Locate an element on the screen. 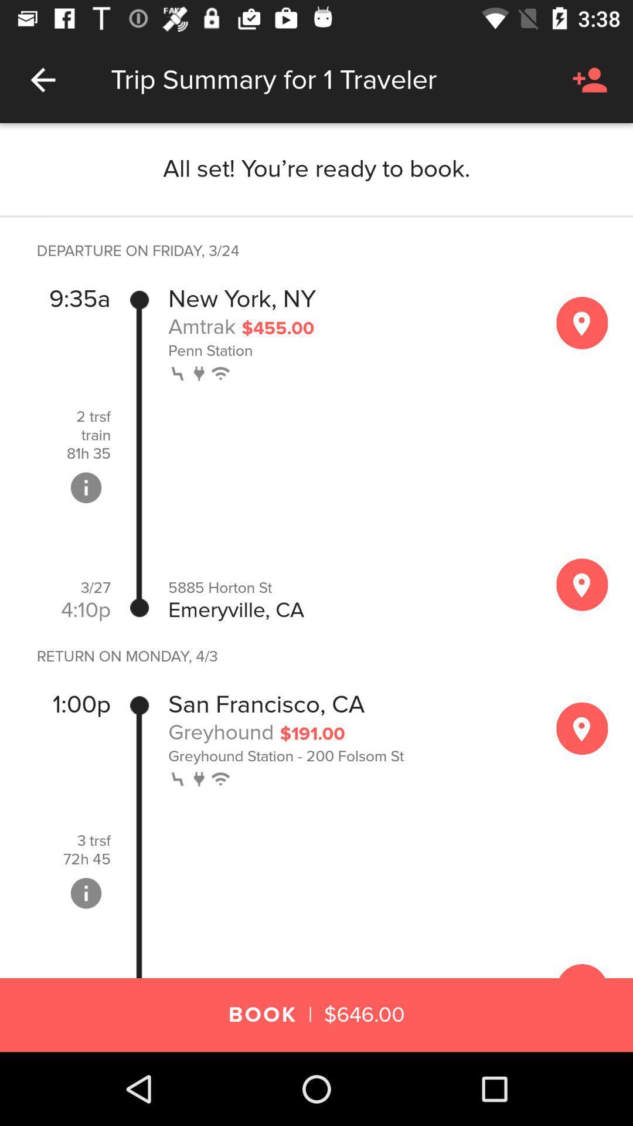  icon below the 4:10p item is located at coordinates (121, 656).